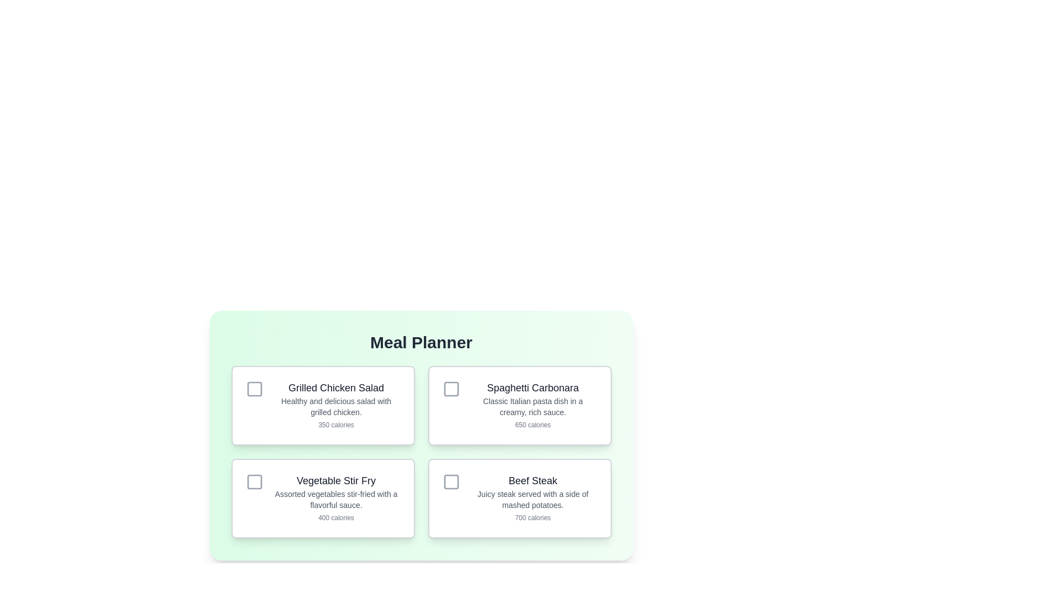 The image size is (1061, 597). What do you see at coordinates (335, 405) in the screenshot?
I see `the Text Display element that conveys details about 'Grilled Chicken Salad', located in the Meal Planner section, positioned to the right of an interactive checkbox` at bounding box center [335, 405].